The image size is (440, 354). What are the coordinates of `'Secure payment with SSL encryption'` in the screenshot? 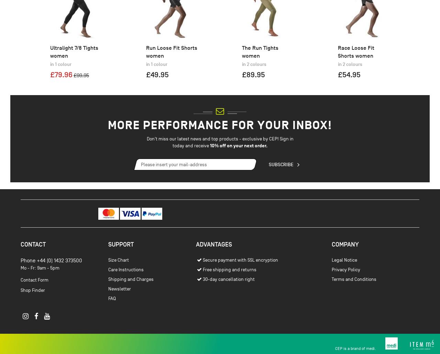 It's located at (202, 296).